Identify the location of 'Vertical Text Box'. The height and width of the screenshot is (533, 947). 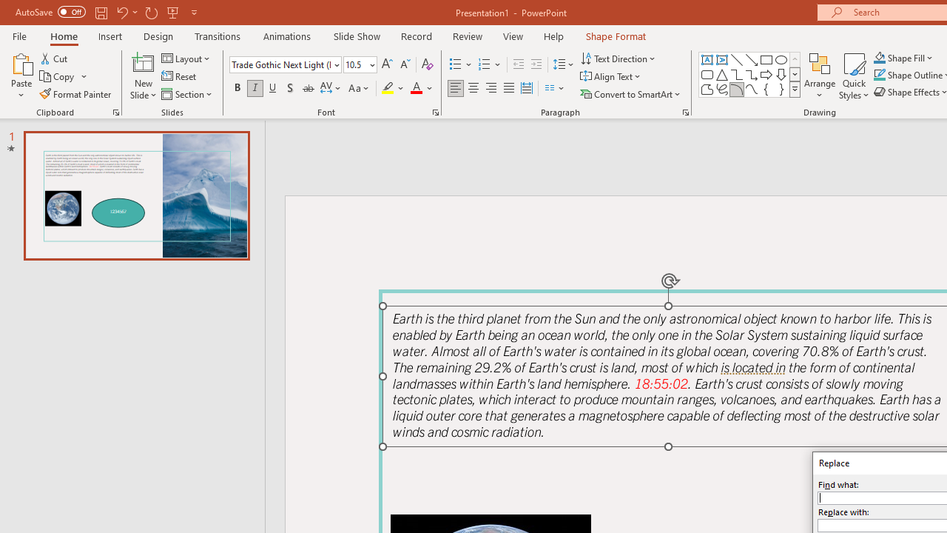
(722, 59).